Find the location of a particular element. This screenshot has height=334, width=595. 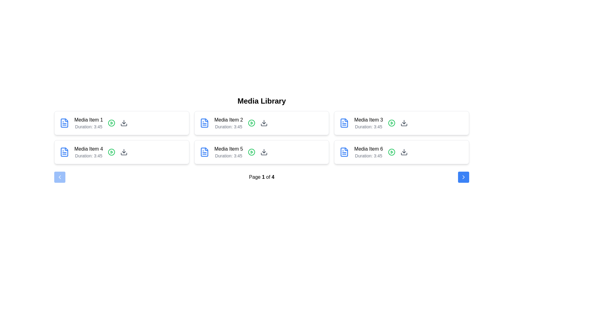

the icon representing the document associated with 'Media Item 5', which is located in the middle row and second column of the grid in the Media Library layout is located at coordinates (204, 152).